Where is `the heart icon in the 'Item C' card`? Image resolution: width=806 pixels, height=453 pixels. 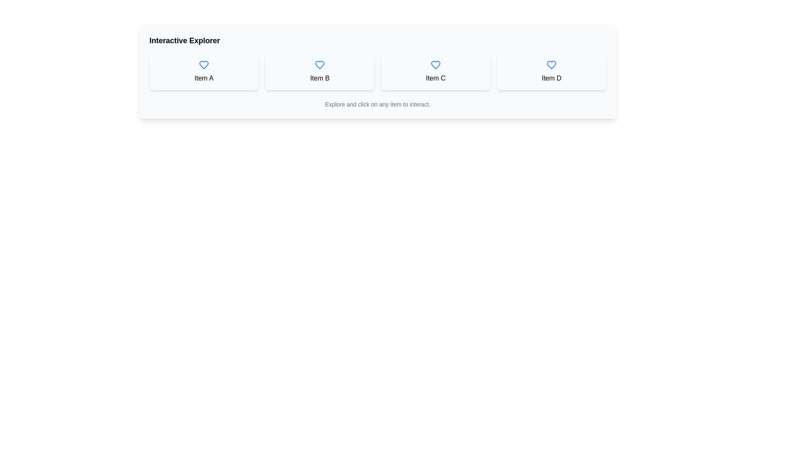
the heart icon in the 'Item C' card is located at coordinates (435, 64).